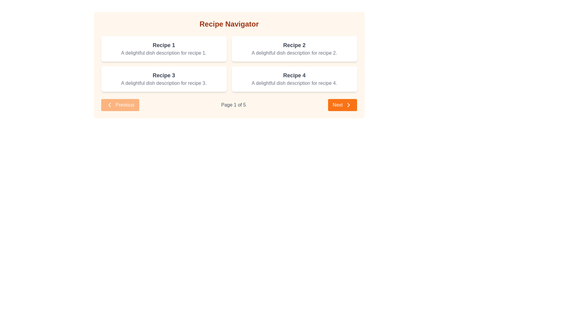 This screenshot has height=326, width=580. Describe the element at coordinates (164, 49) in the screenshot. I see `the first recipe display card located in the top-left corner of the grid layout` at that location.